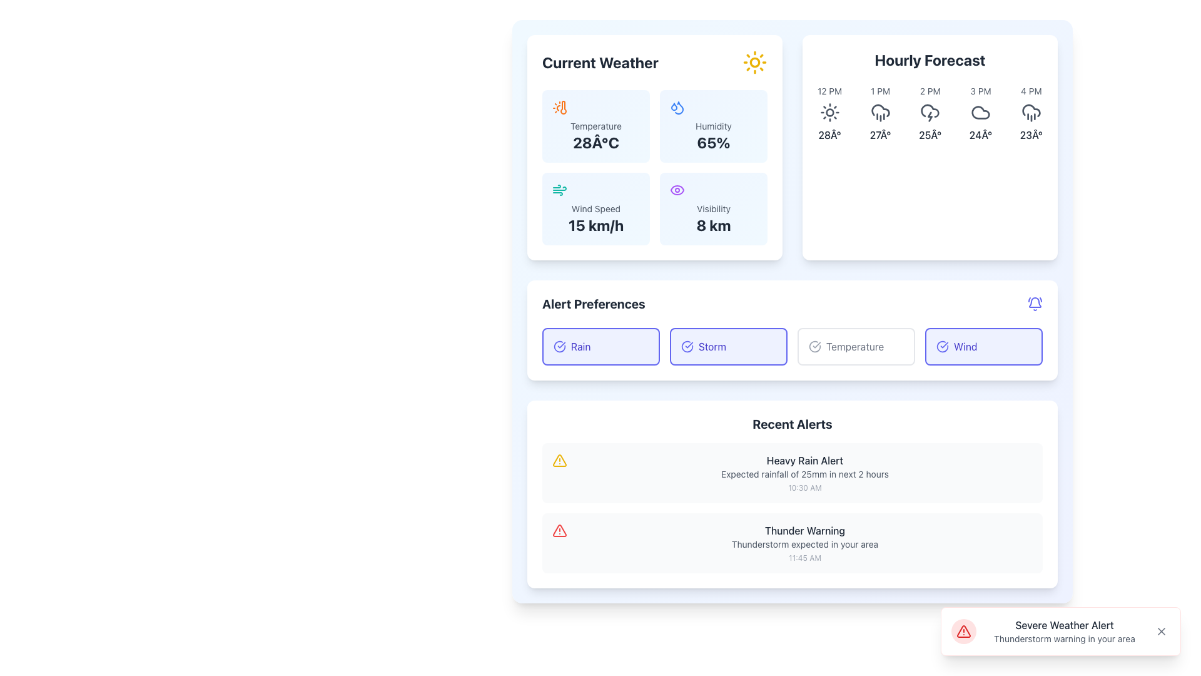 The height and width of the screenshot is (676, 1201). What do you see at coordinates (559, 531) in the screenshot?
I see `the weather alert icon located in the lower right corner of the display to retrieve additional information regarding severe weather conditions` at bounding box center [559, 531].